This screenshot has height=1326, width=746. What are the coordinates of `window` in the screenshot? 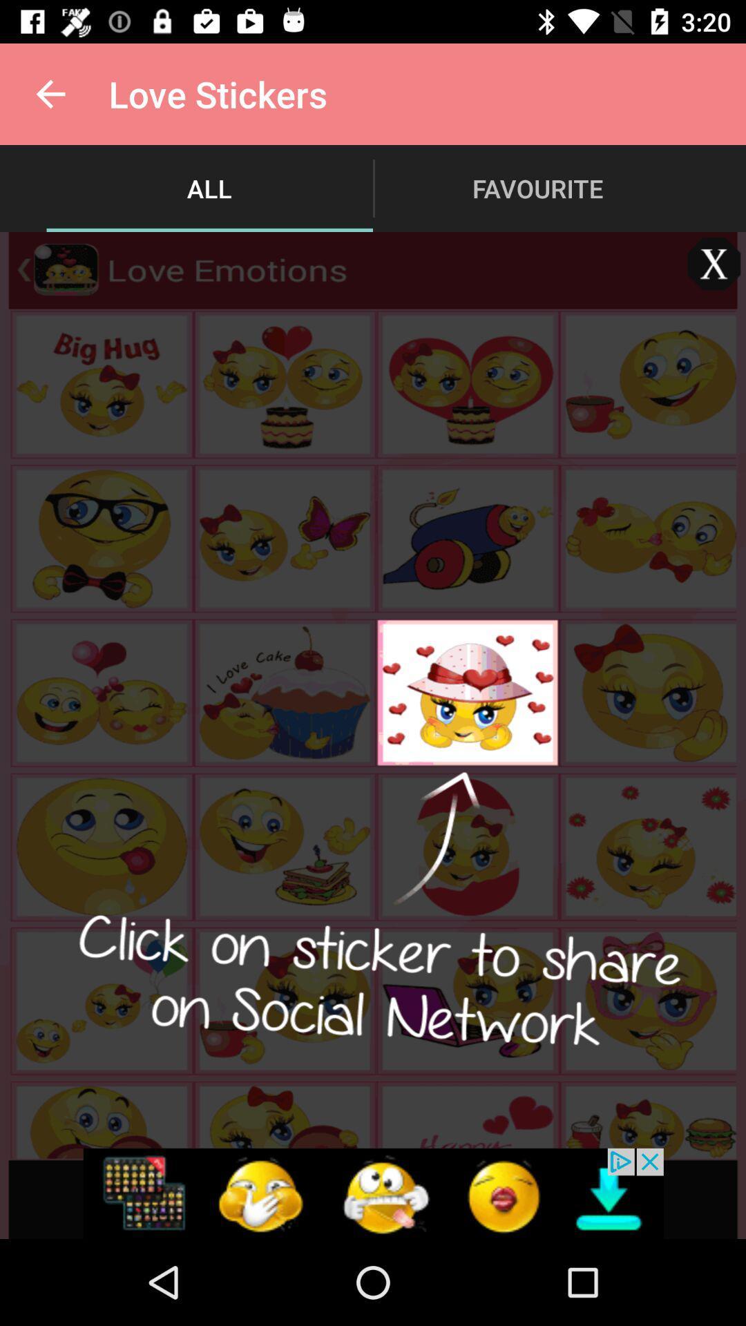 It's located at (714, 264).